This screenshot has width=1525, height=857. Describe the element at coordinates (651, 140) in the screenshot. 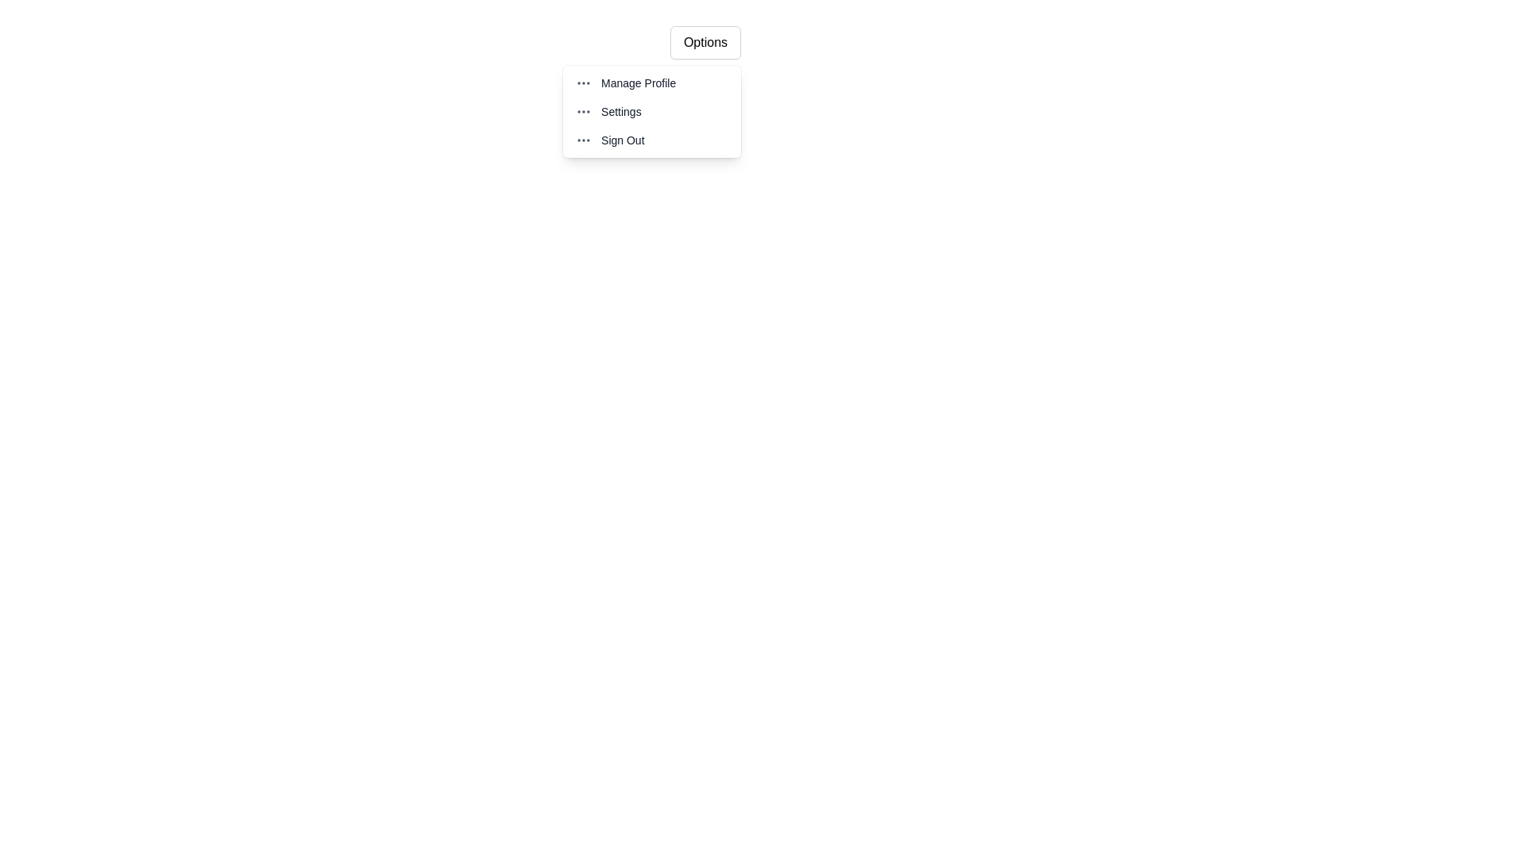

I see `the 'Sign Out' menu option, which is the third item in the vertical dropdown menu, to provide visual feedback` at that location.